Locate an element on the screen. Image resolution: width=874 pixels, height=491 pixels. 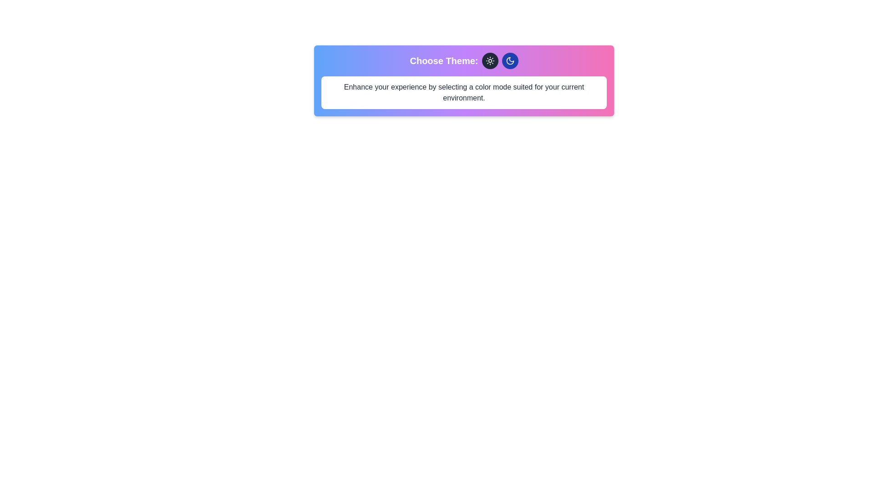
the circular button with a blue background and a crescent moon icon is located at coordinates (510, 61).